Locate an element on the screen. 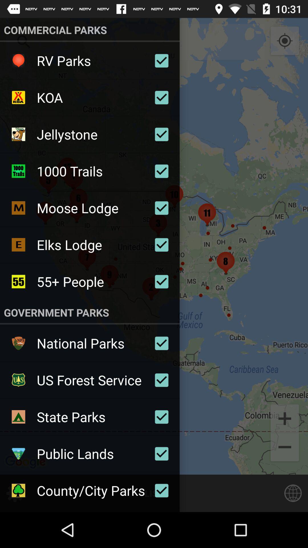 This screenshot has height=548, width=308. the location_crosshair icon is located at coordinates (285, 41).